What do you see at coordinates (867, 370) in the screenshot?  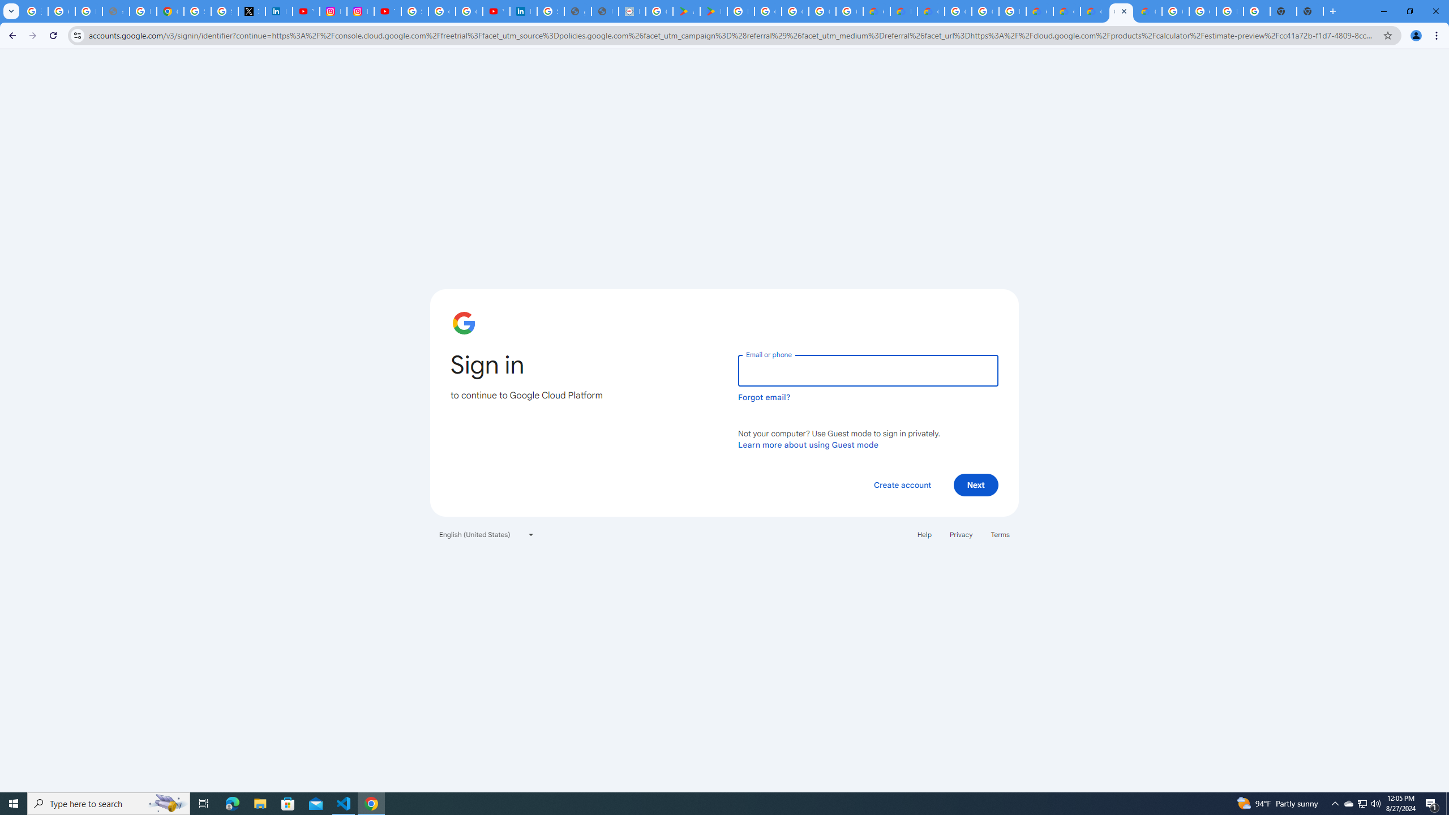 I see `'Email or phone'` at bounding box center [867, 370].